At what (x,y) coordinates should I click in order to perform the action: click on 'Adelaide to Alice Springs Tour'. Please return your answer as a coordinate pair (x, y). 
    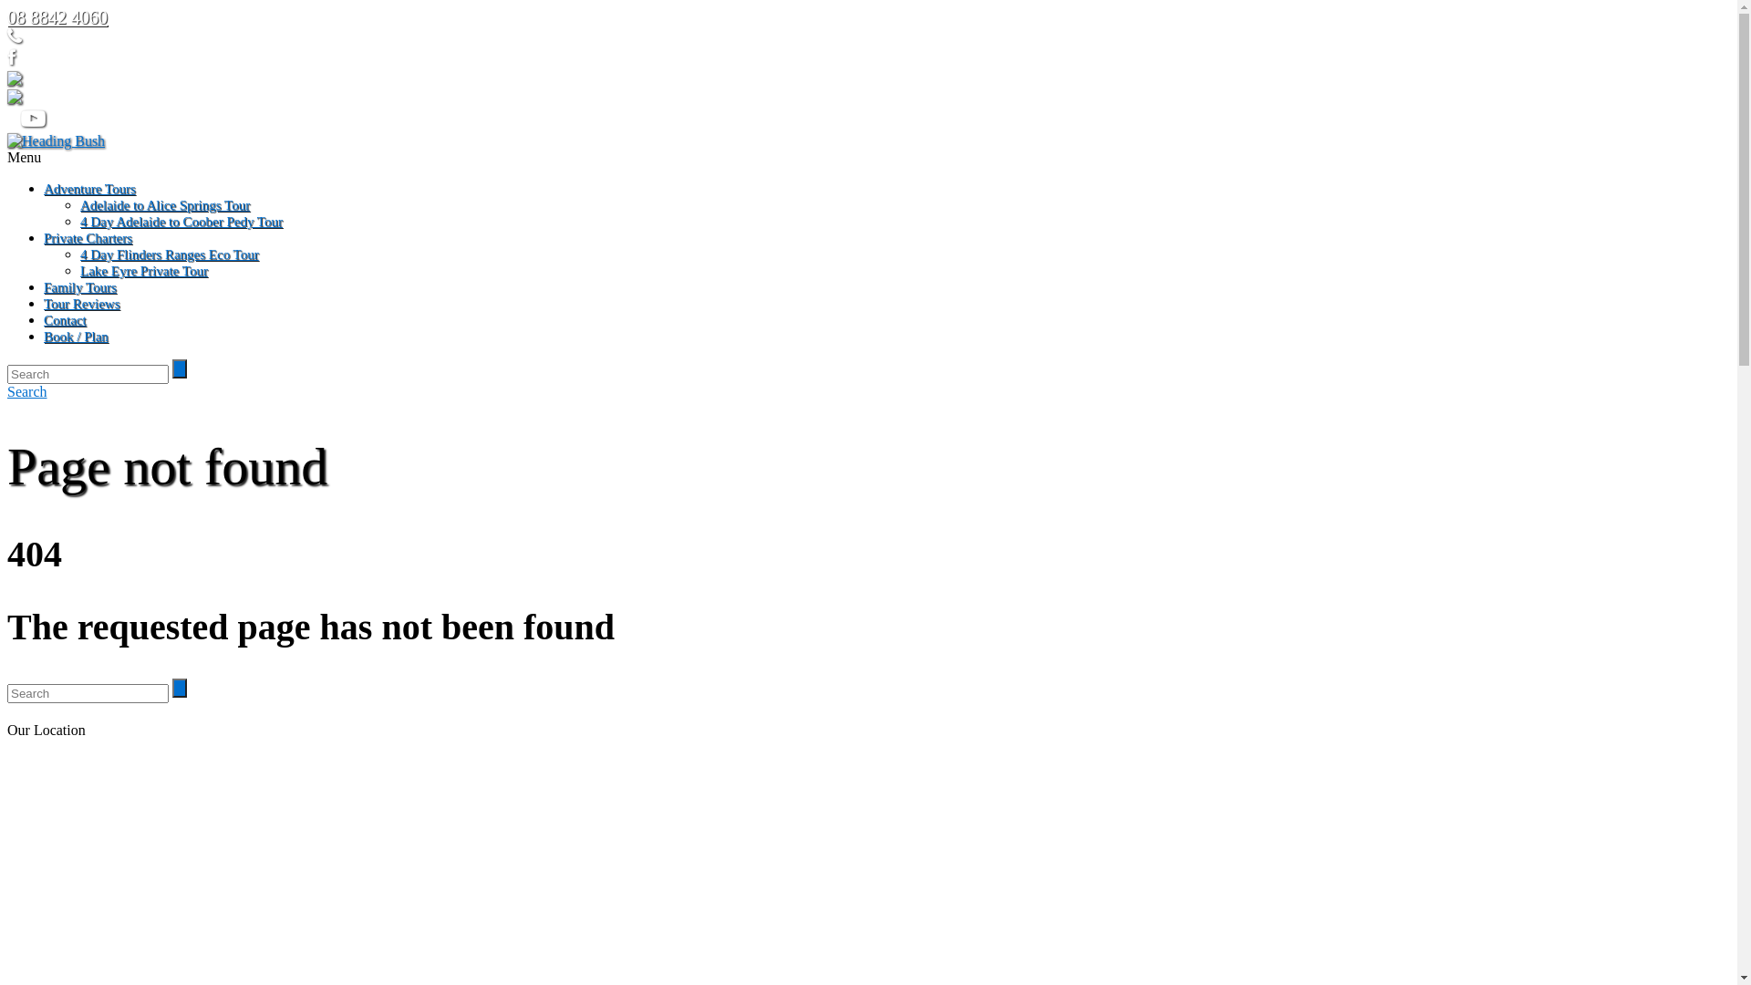
    Looking at the image, I should click on (165, 204).